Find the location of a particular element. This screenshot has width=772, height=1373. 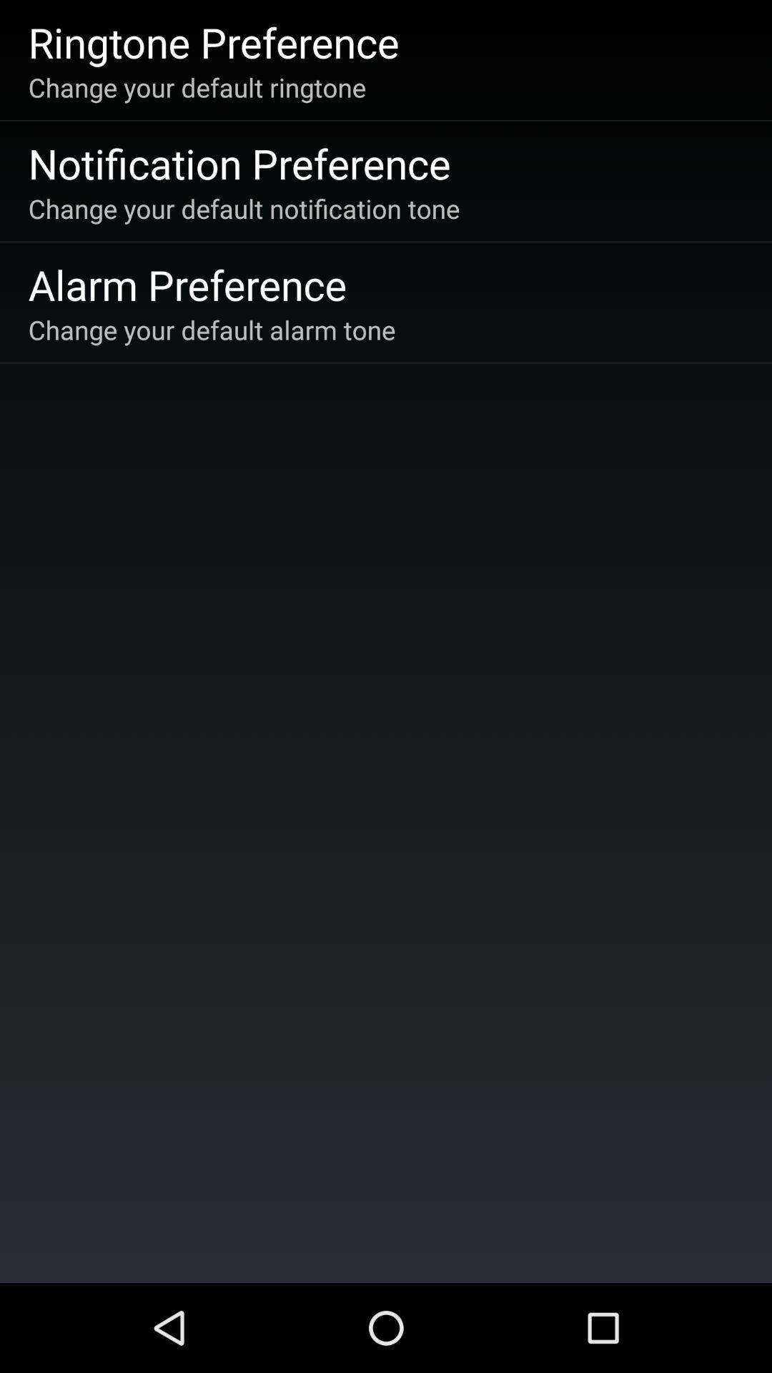

notification preference is located at coordinates (239, 163).